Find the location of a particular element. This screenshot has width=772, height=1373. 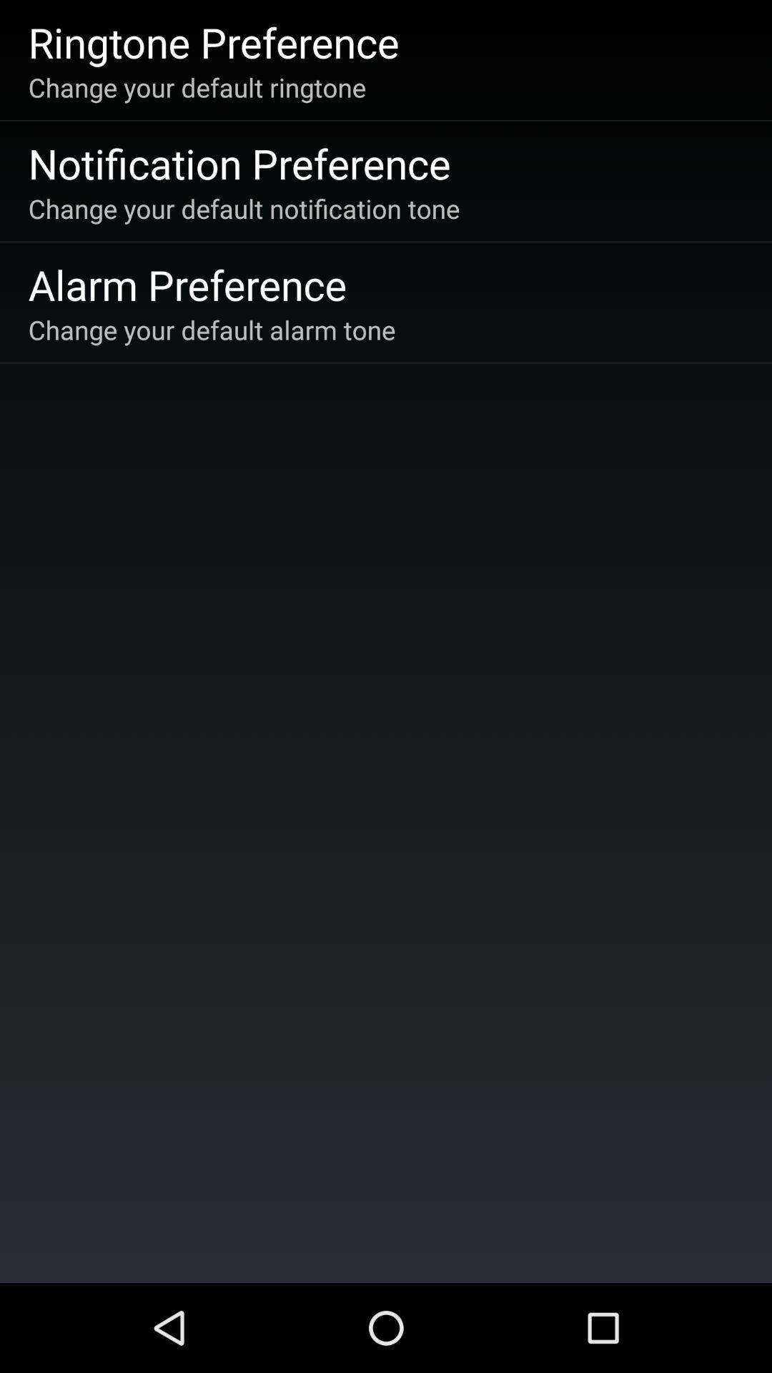

notification preference is located at coordinates (239, 163).